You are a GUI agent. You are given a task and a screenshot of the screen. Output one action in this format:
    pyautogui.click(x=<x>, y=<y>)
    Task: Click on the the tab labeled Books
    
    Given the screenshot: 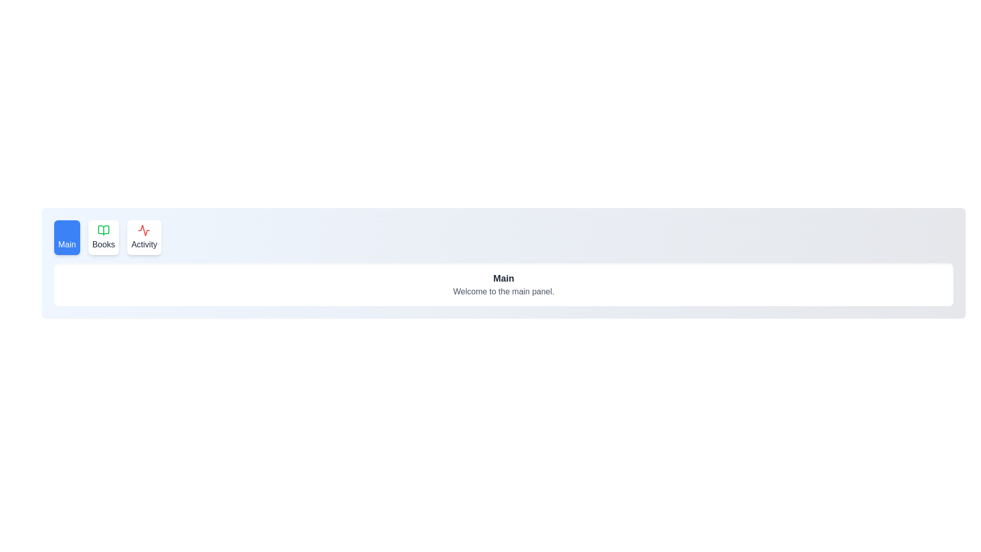 What is the action you would take?
    pyautogui.click(x=103, y=238)
    